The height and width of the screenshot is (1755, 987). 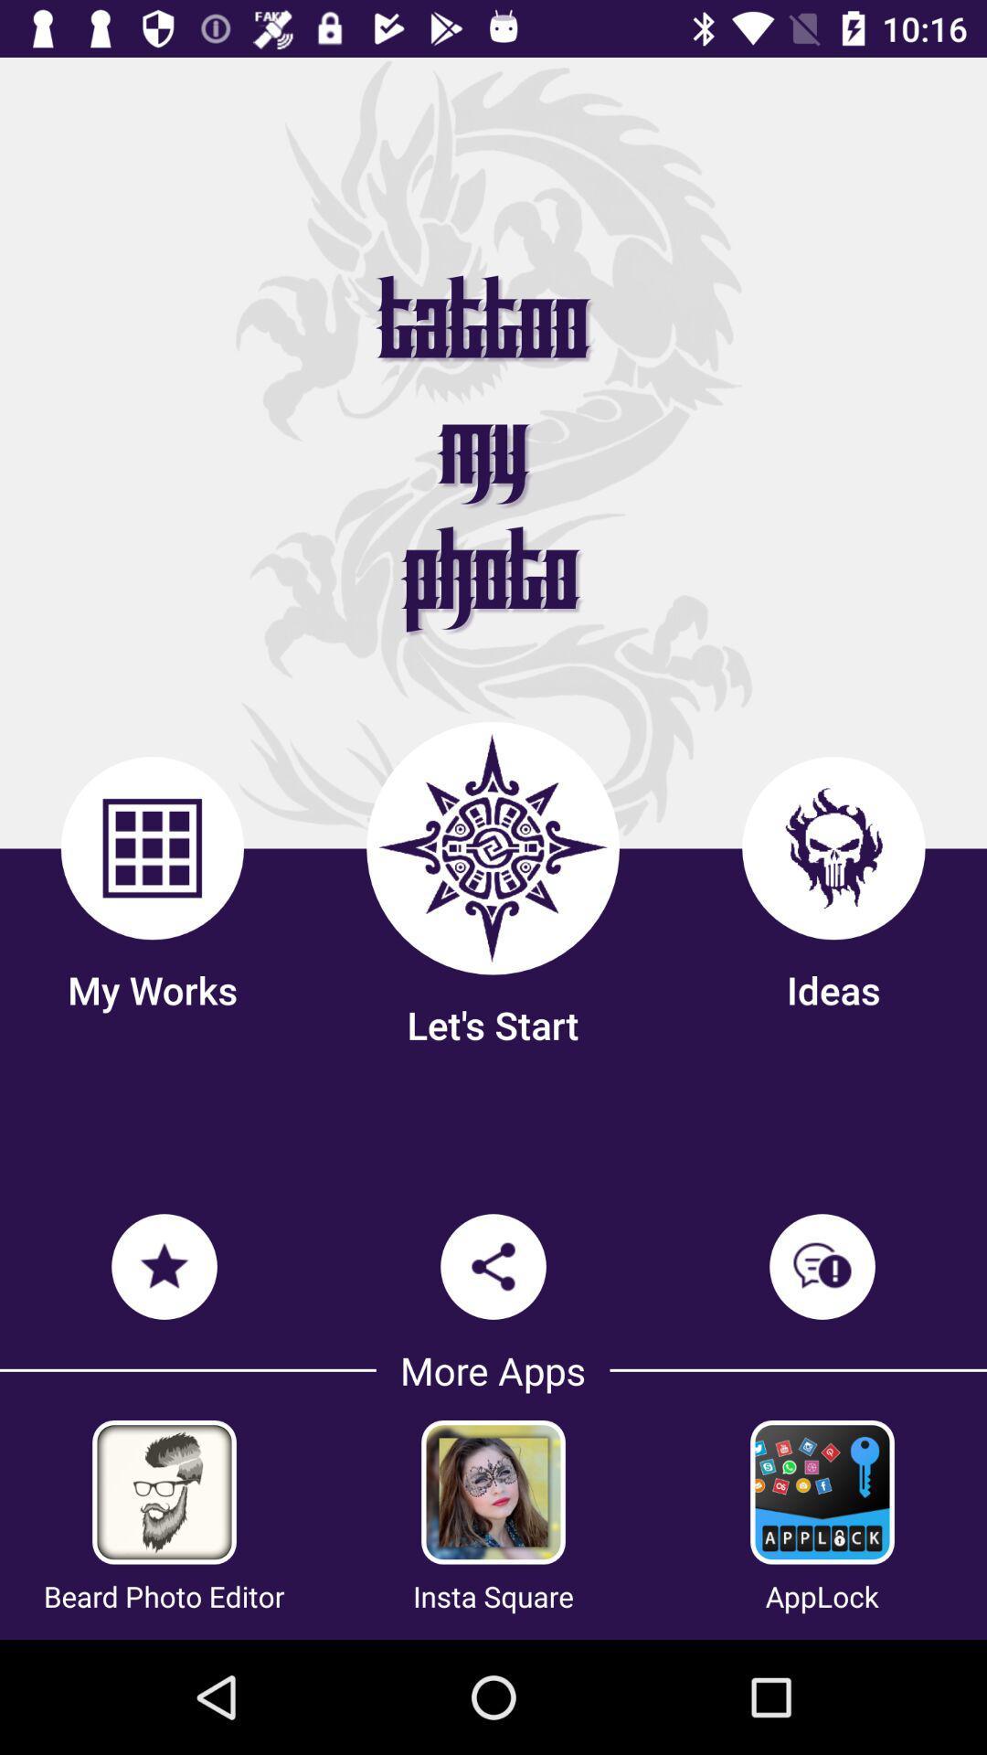 What do you see at coordinates (821, 1492) in the screenshot?
I see `open new app` at bounding box center [821, 1492].